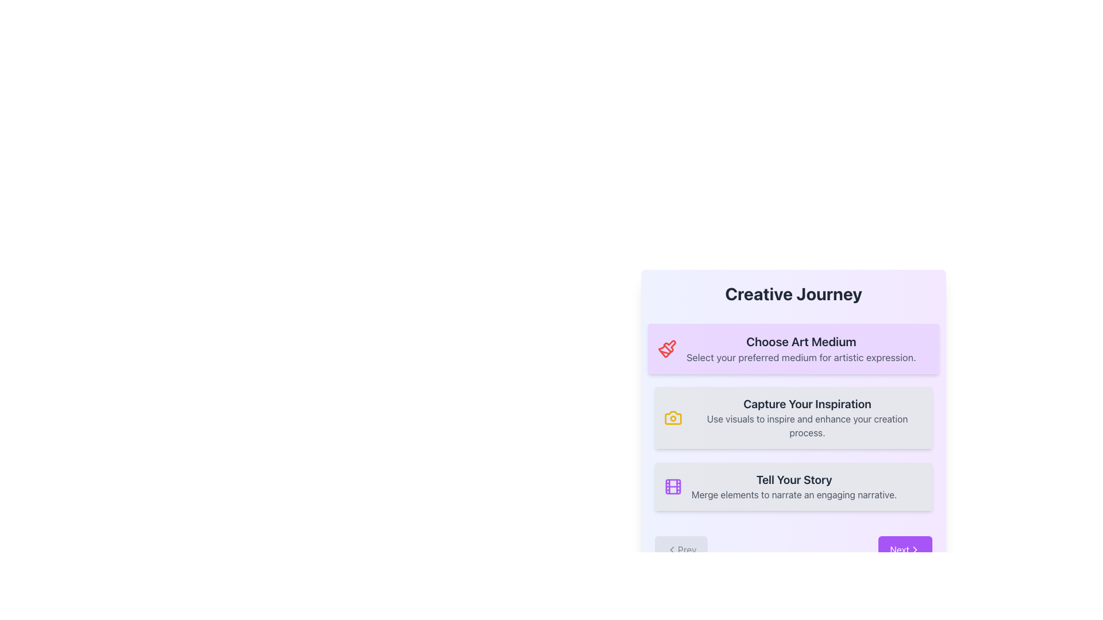  I want to click on the description text within the 'Tell Your Story' card, which provides additional information related to the card's purpose, so click(793, 494).